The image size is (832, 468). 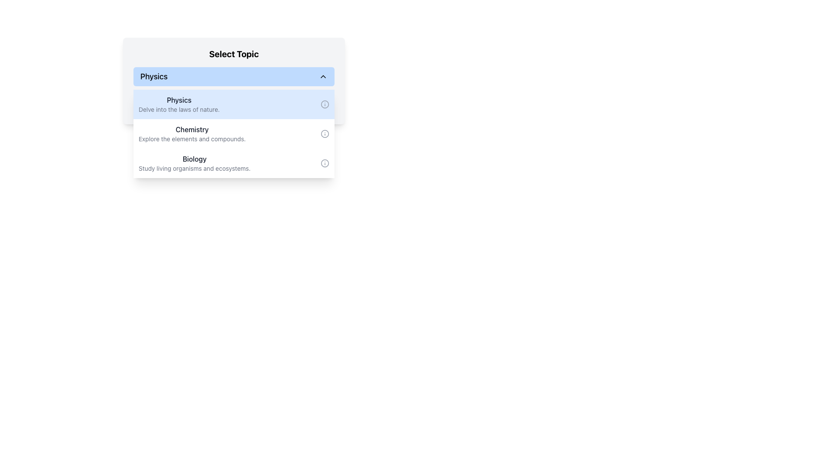 I want to click on the static text element that provides a brief description for the 'Biology' section within the dropdown menu, positioned directly below the 'Biology' section title, so click(x=194, y=169).